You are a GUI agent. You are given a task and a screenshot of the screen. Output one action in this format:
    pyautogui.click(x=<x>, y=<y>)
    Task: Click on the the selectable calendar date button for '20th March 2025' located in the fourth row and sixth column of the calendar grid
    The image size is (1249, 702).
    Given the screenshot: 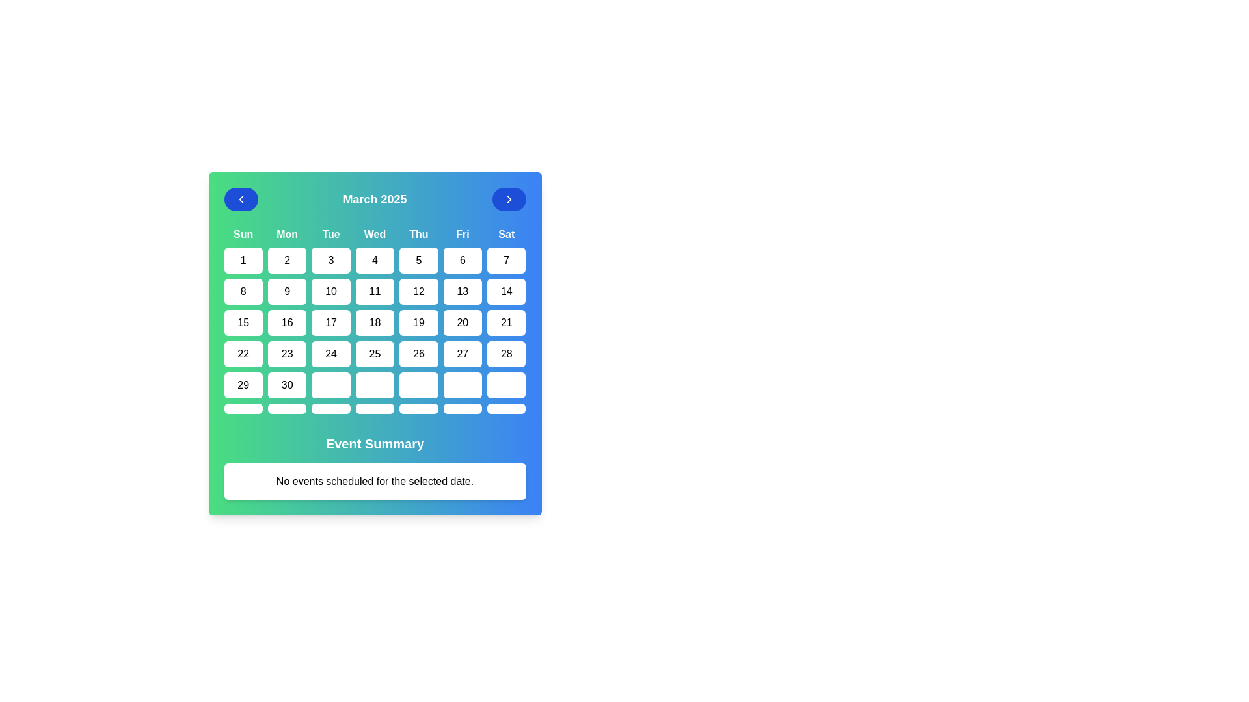 What is the action you would take?
    pyautogui.click(x=463, y=322)
    